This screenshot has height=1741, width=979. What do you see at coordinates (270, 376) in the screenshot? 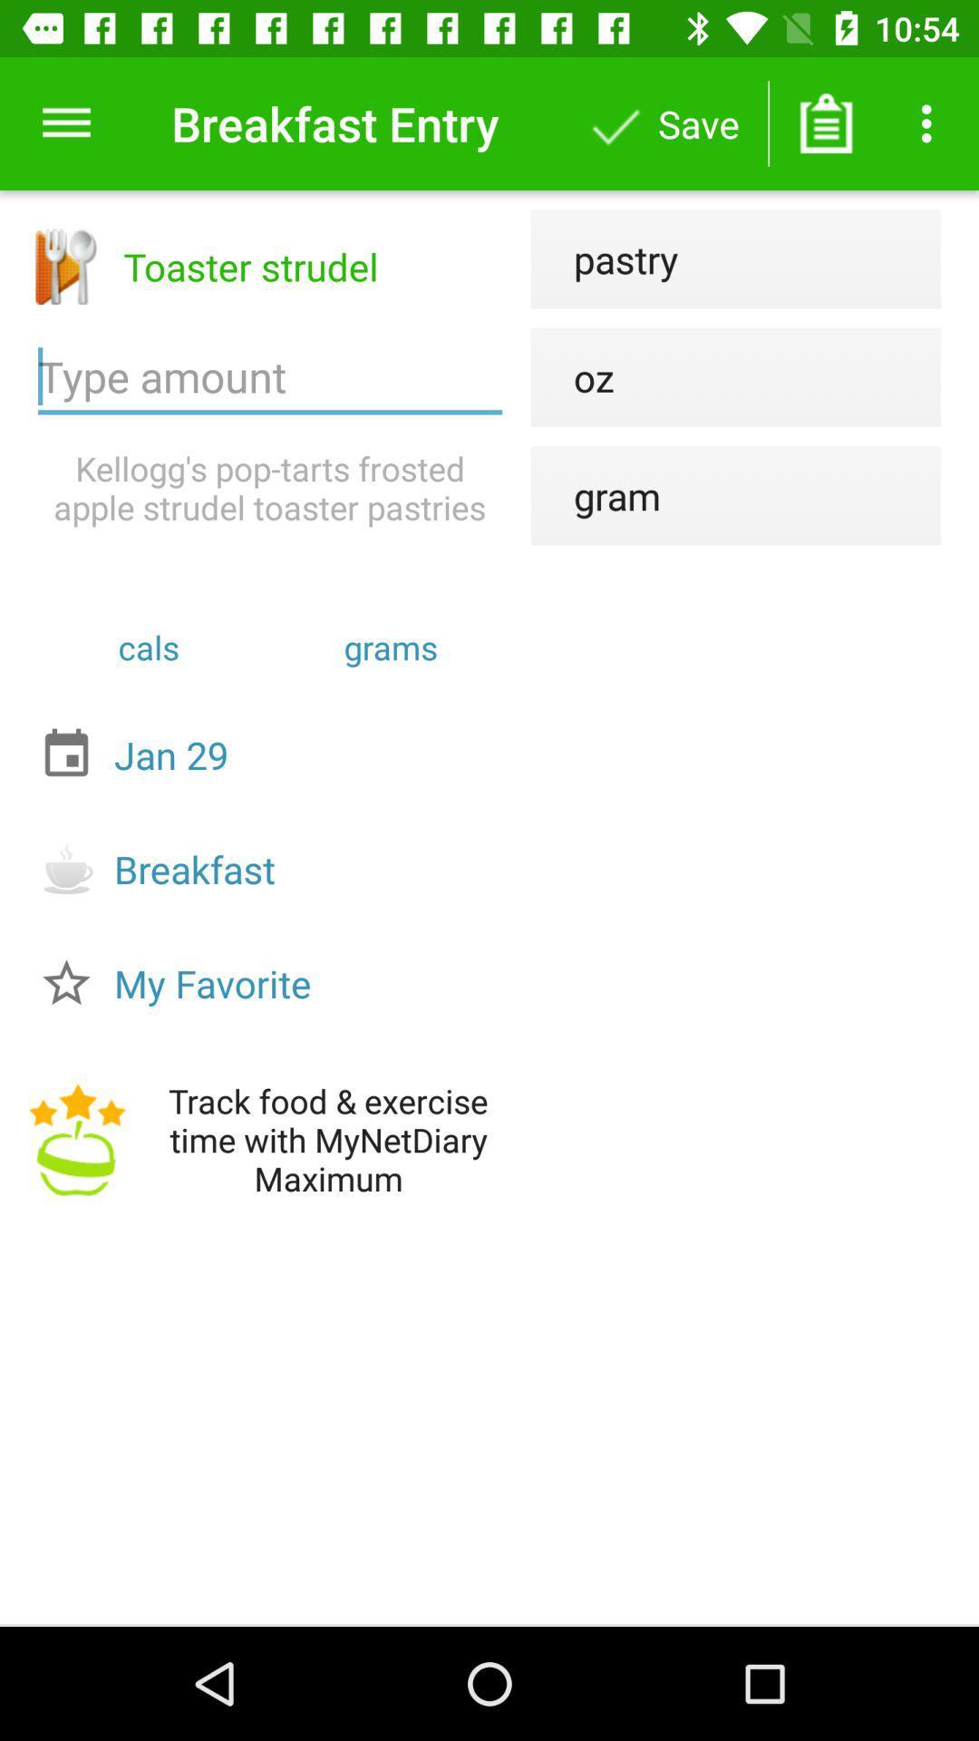
I see `the amount` at bounding box center [270, 376].